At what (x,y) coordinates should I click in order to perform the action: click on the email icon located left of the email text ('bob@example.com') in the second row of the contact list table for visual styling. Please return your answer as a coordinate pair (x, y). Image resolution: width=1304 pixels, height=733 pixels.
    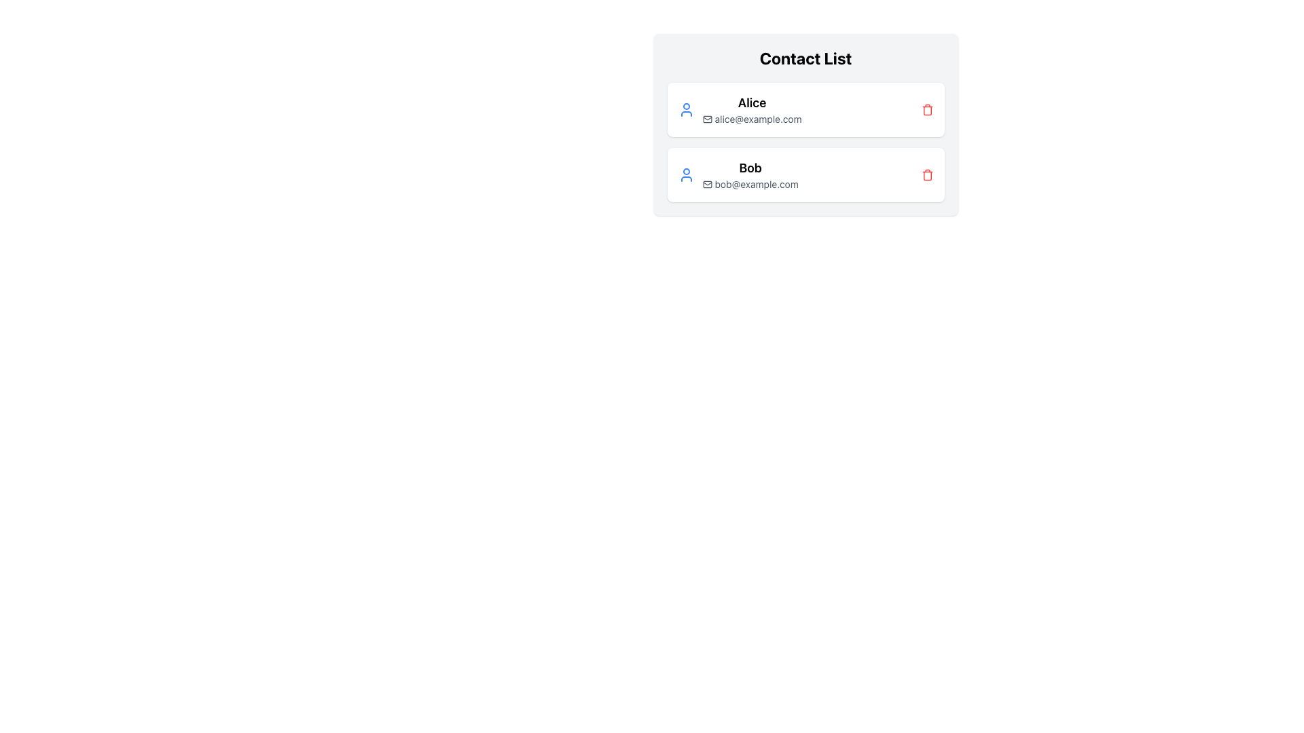
    Looking at the image, I should click on (706, 185).